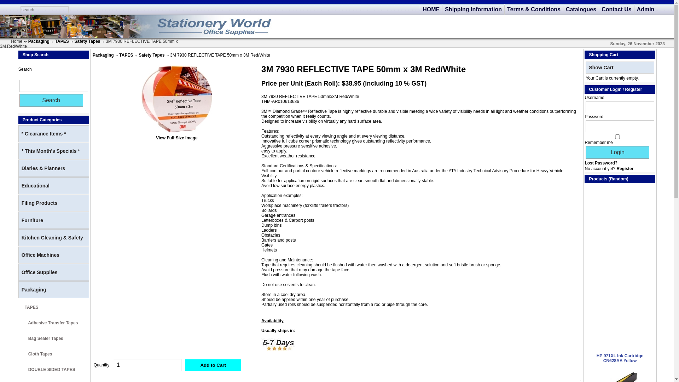 The width and height of the screenshot is (679, 382). What do you see at coordinates (53, 168) in the screenshot?
I see `'Diaries & Planners'` at bounding box center [53, 168].